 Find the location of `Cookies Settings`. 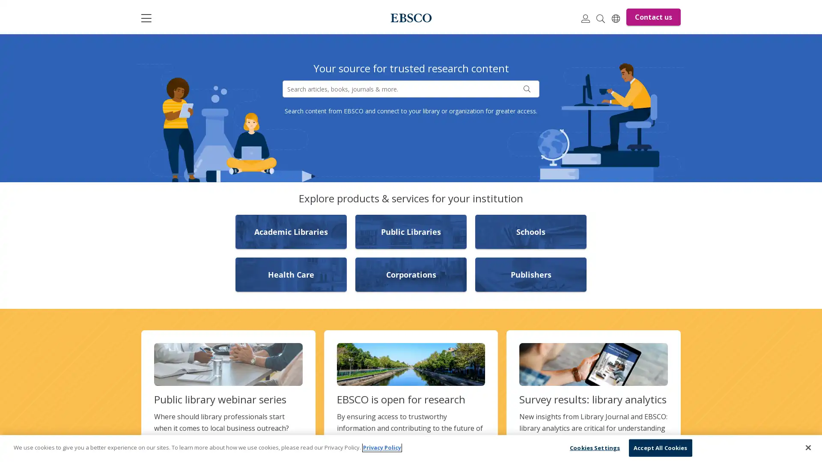

Cookies Settings is located at coordinates (594, 447).